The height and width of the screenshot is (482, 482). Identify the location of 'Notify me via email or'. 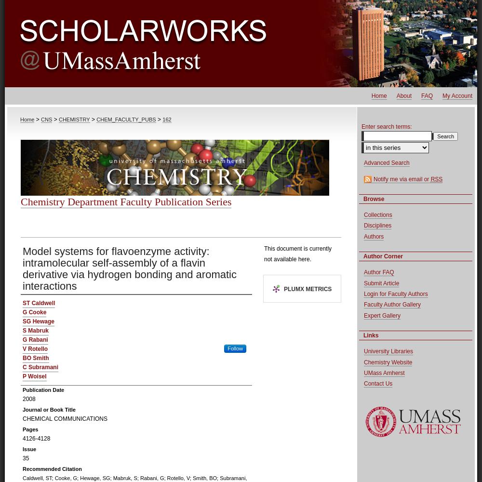
(402, 178).